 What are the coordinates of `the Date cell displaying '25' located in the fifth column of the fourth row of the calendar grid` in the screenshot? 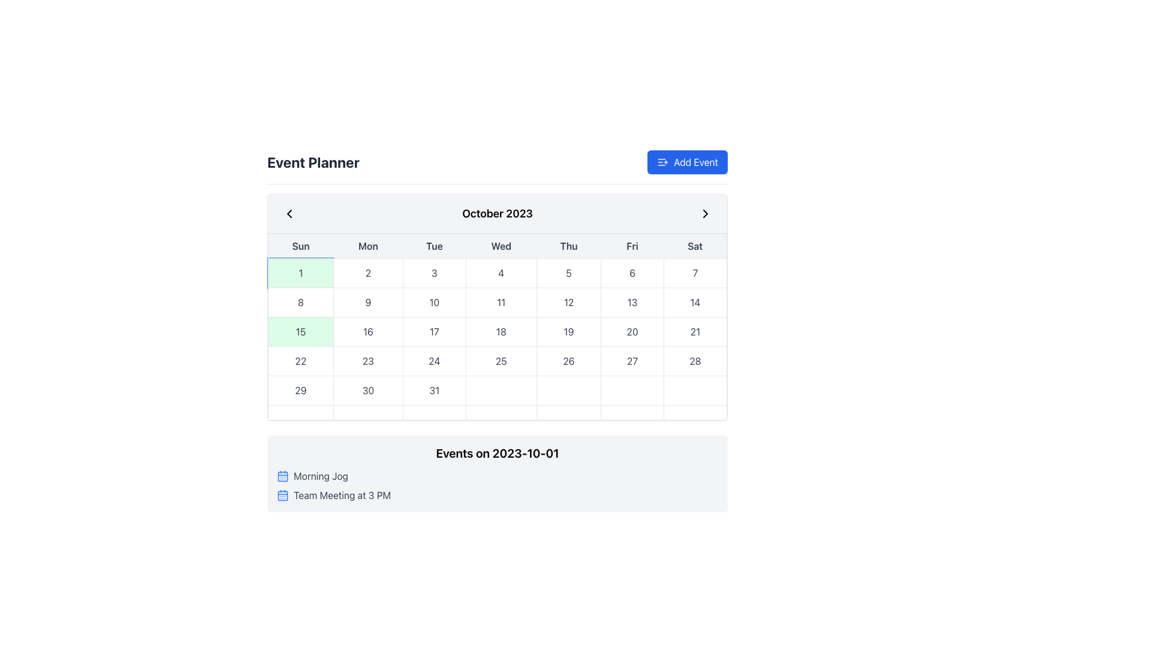 It's located at (498, 360).